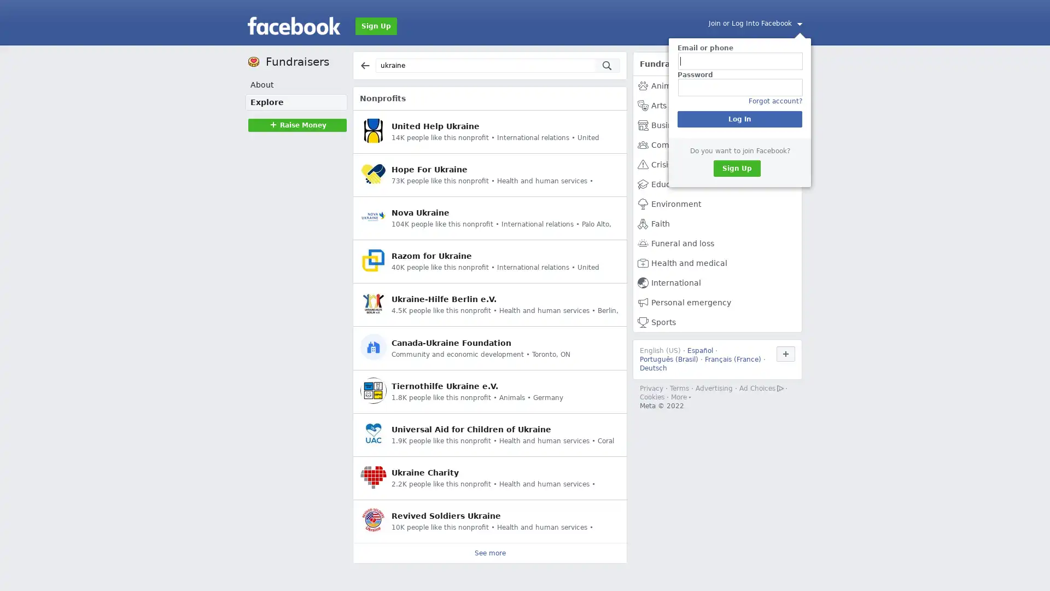  Describe the element at coordinates (737, 169) in the screenshot. I see `Sign Up` at that location.